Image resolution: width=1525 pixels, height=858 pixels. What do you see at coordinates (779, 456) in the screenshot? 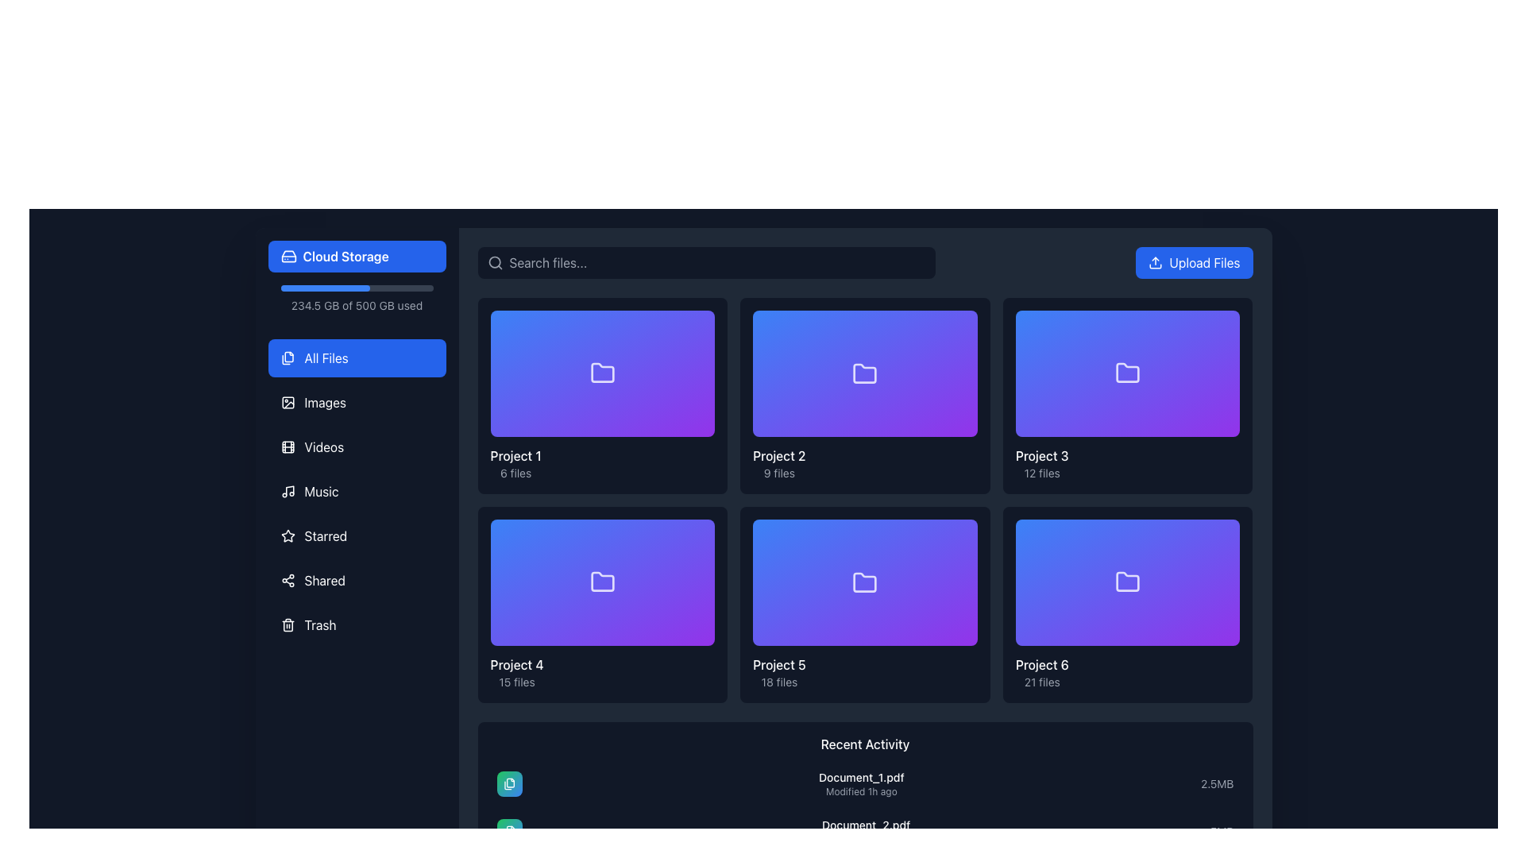
I see `static text label that conveys the name of the folder 'Project 2', located in the second position of the grid layout` at bounding box center [779, 456].